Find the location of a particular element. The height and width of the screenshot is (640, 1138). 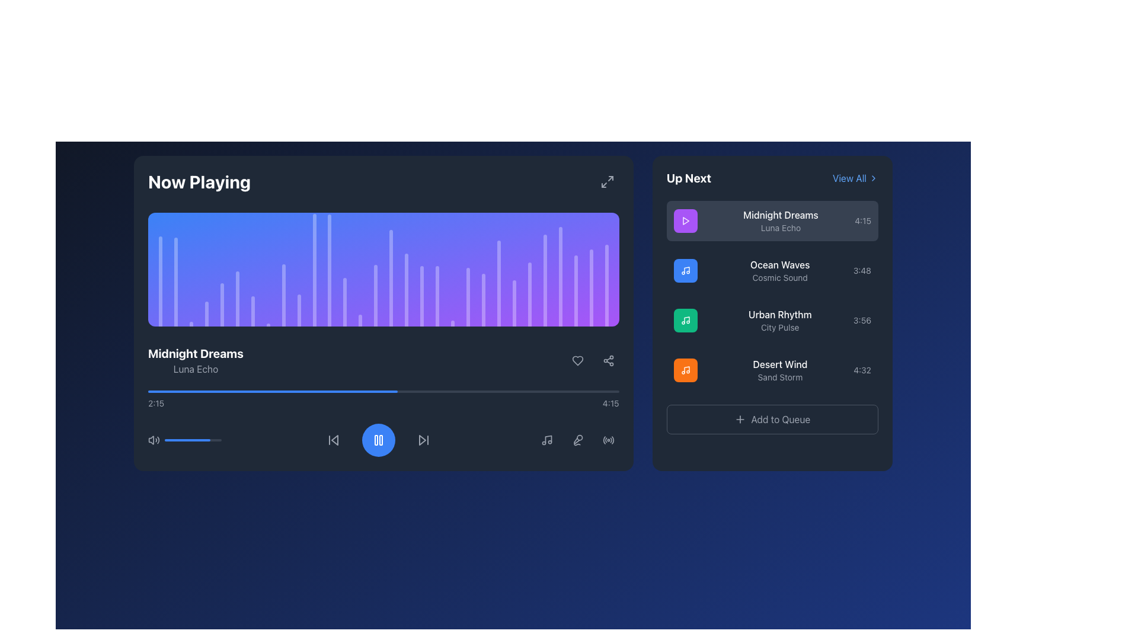

the subtitle text label located in the 'Up Next' section, specifically below the 'Urban Rhythm' title, which is identifiable by its gray color is located at coordinates (780, 327).